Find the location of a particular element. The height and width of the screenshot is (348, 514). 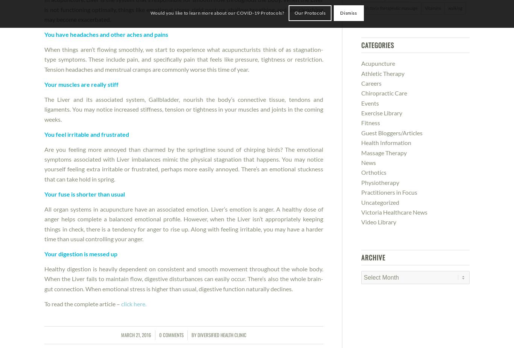

'Guest Bloggers/Articles' is located at coordinates (391, 132).